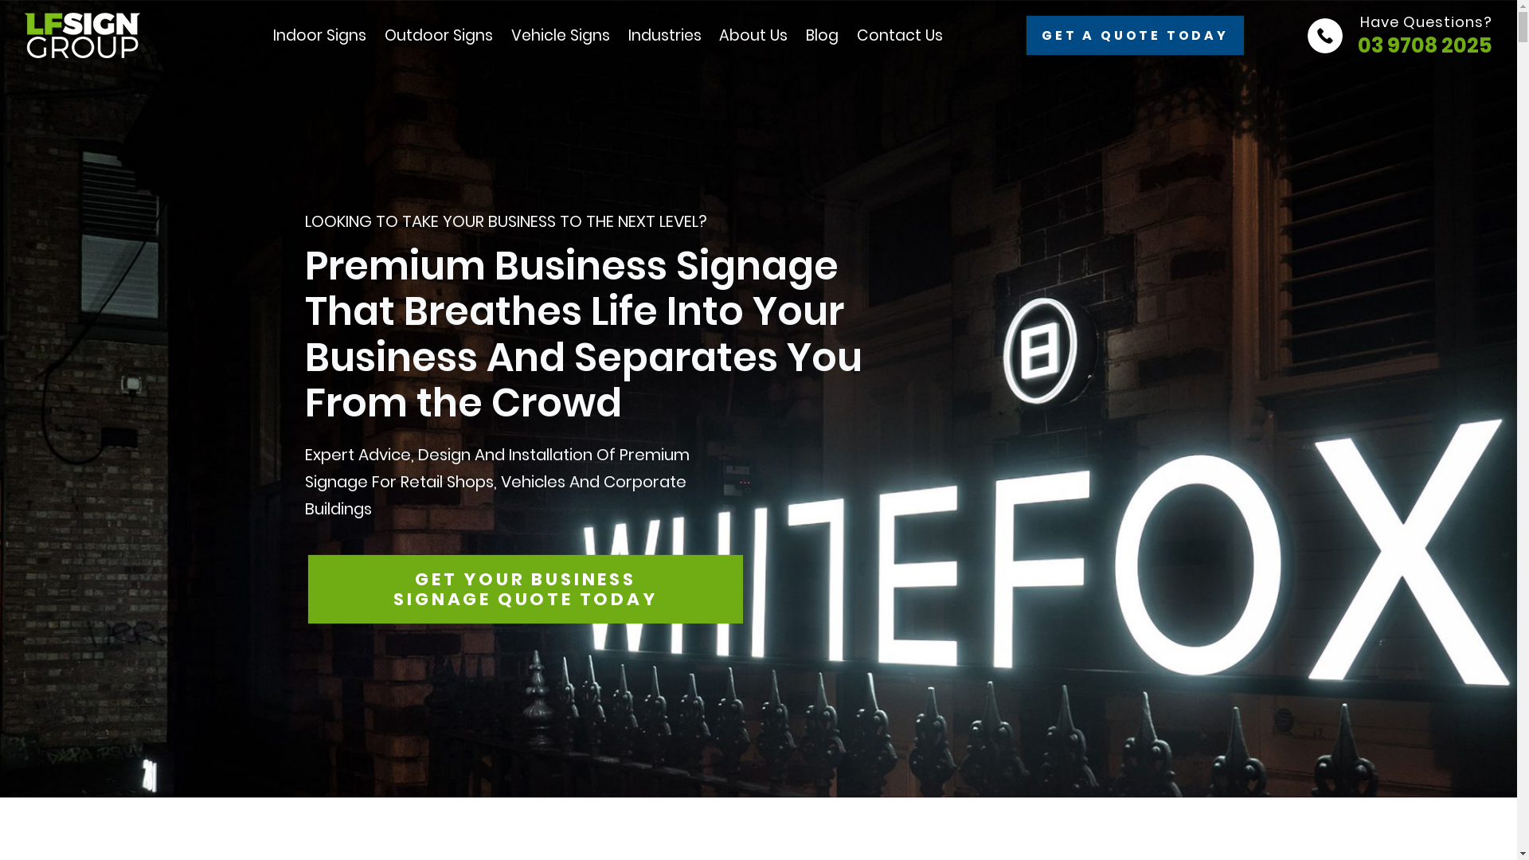 This screenshot has height=860, width=1529. Describe the element at coordinates (822, 35) in the screenshot. I see `'Blog'` at that location.